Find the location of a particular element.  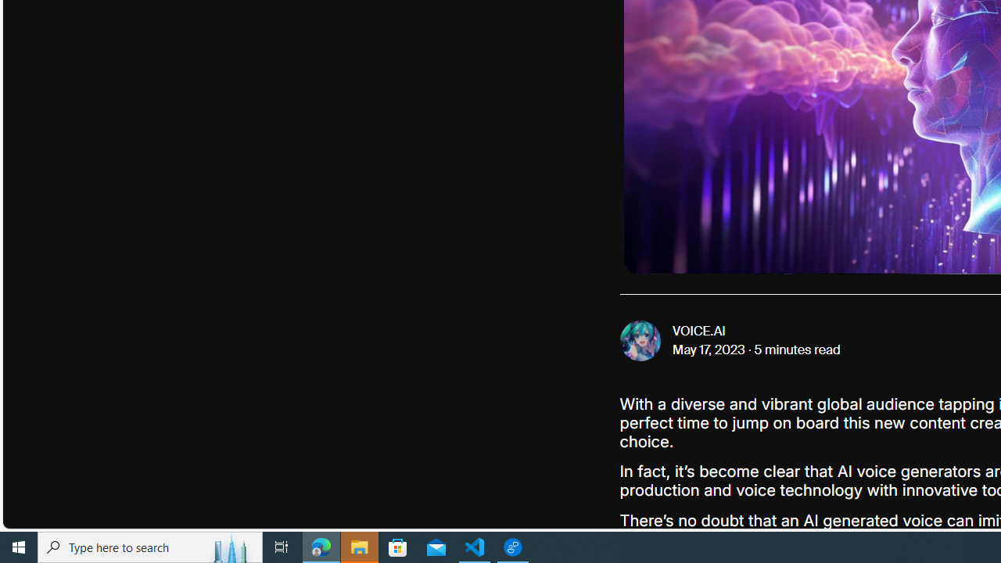

'VOICE.AI' is located at coordinates (698, 331).